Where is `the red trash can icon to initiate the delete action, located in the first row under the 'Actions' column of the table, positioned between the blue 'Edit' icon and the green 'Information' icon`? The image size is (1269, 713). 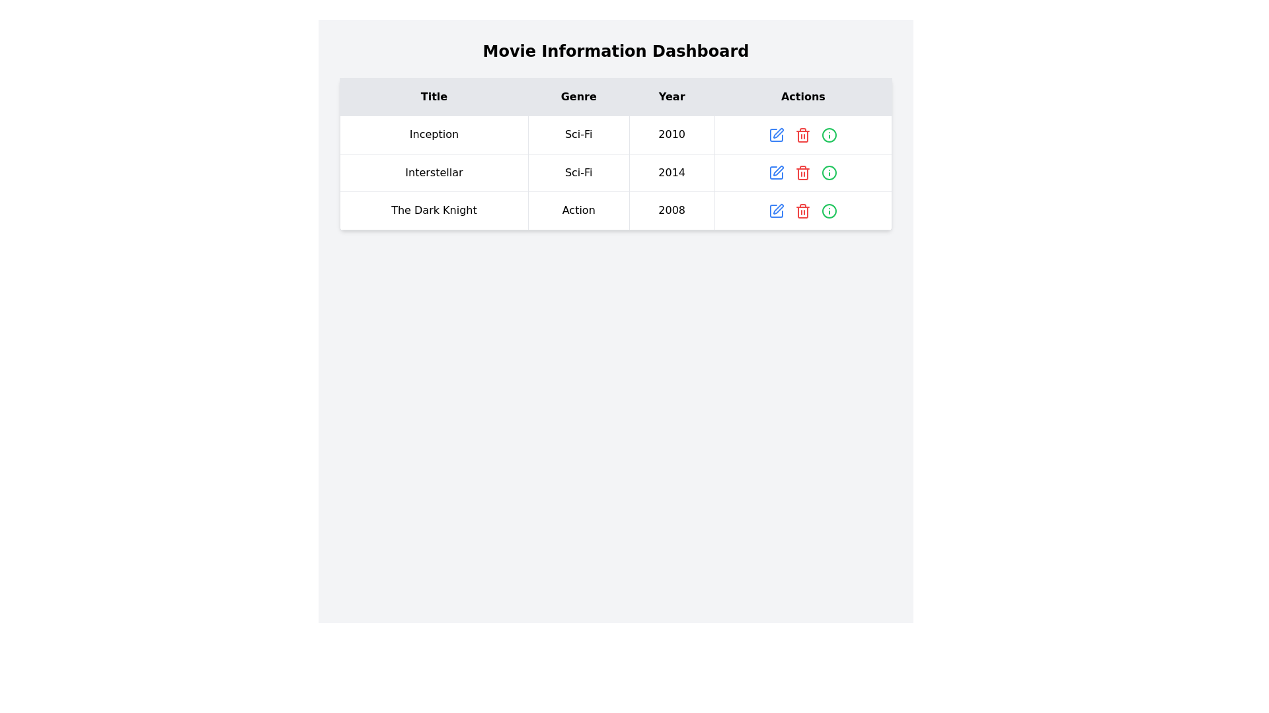
the red trash can icon to initiate the delete action, located in the first row under the 'Actions' column of the table, positioned between the blue 'Edit' icon and the green 'Information' icon is located at coordinates (802, 135).